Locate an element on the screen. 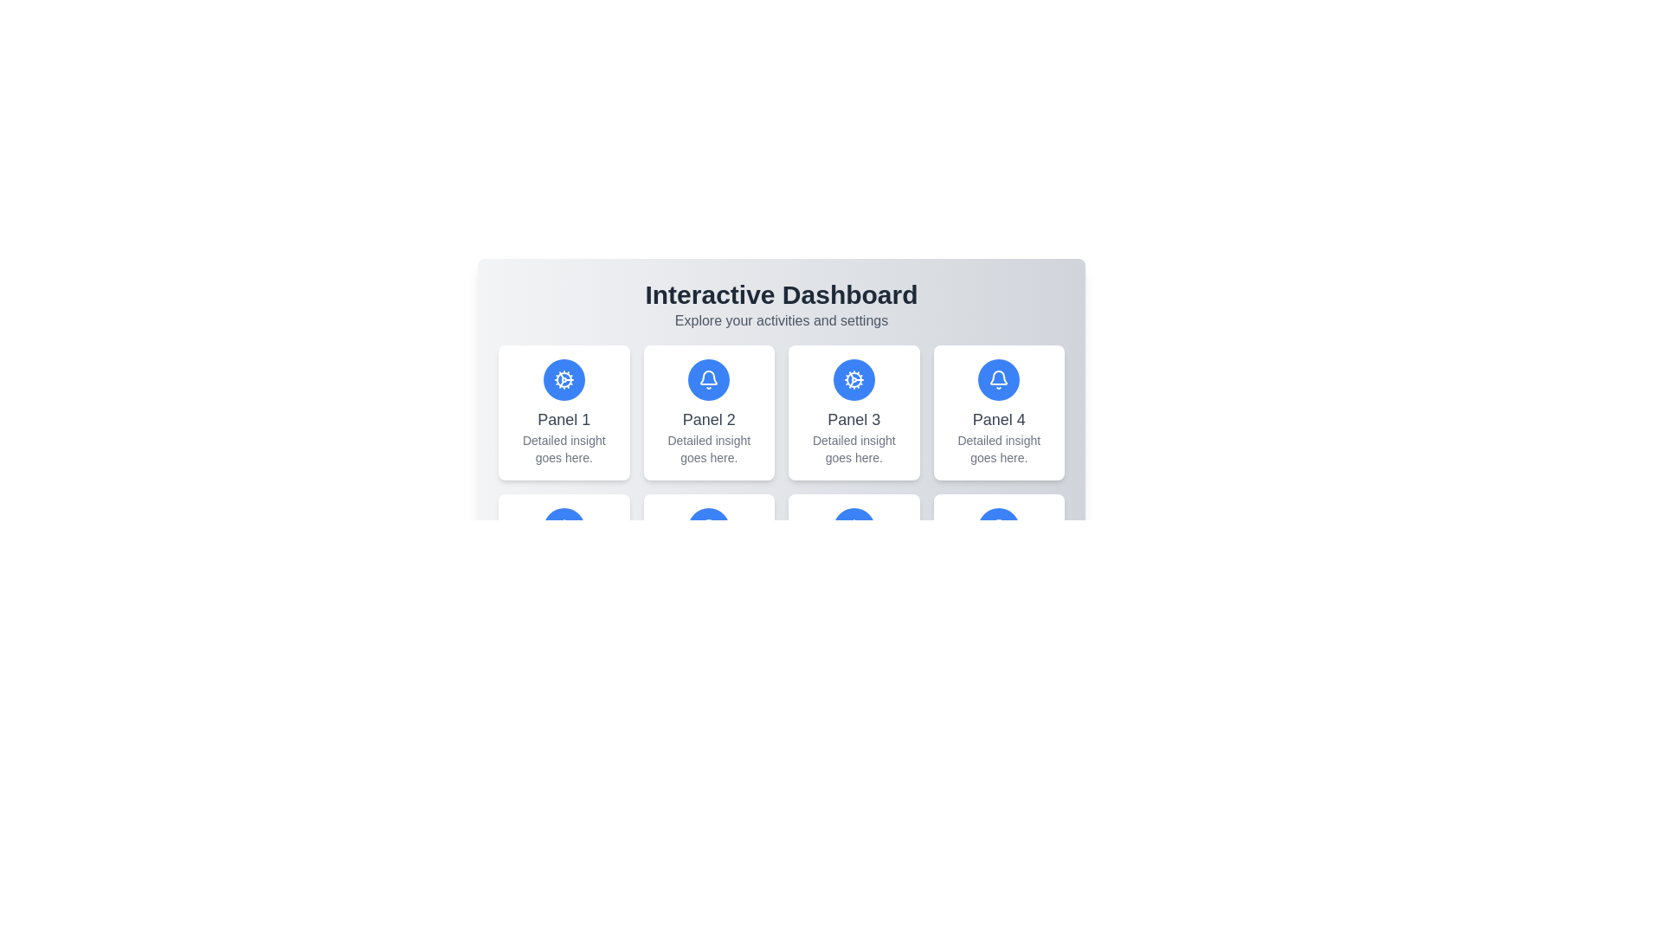 The width and height of the screenshot is (1662, 935). the cogwheel-shaped icon in a blue circular background, which represents the settings option, located in the center of the bottom row of the grid below 'Panel 3' is located at coordinates (854, 527).